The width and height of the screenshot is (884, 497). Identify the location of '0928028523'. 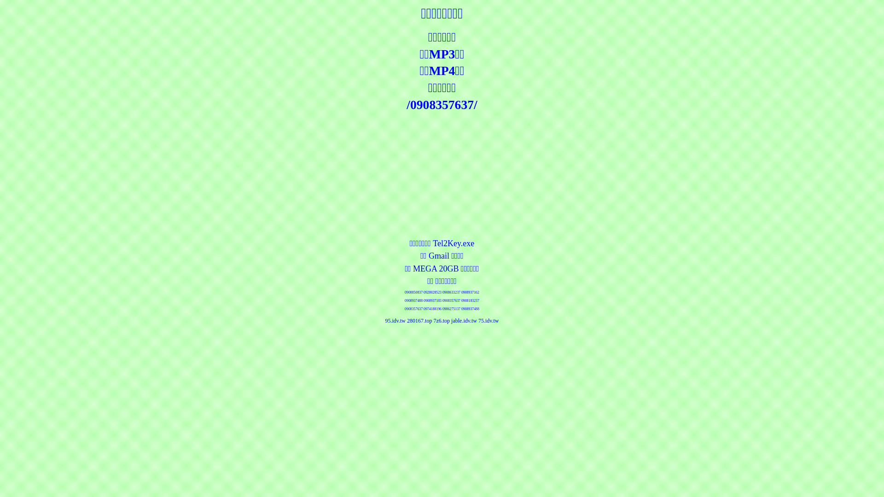
(432, 292).